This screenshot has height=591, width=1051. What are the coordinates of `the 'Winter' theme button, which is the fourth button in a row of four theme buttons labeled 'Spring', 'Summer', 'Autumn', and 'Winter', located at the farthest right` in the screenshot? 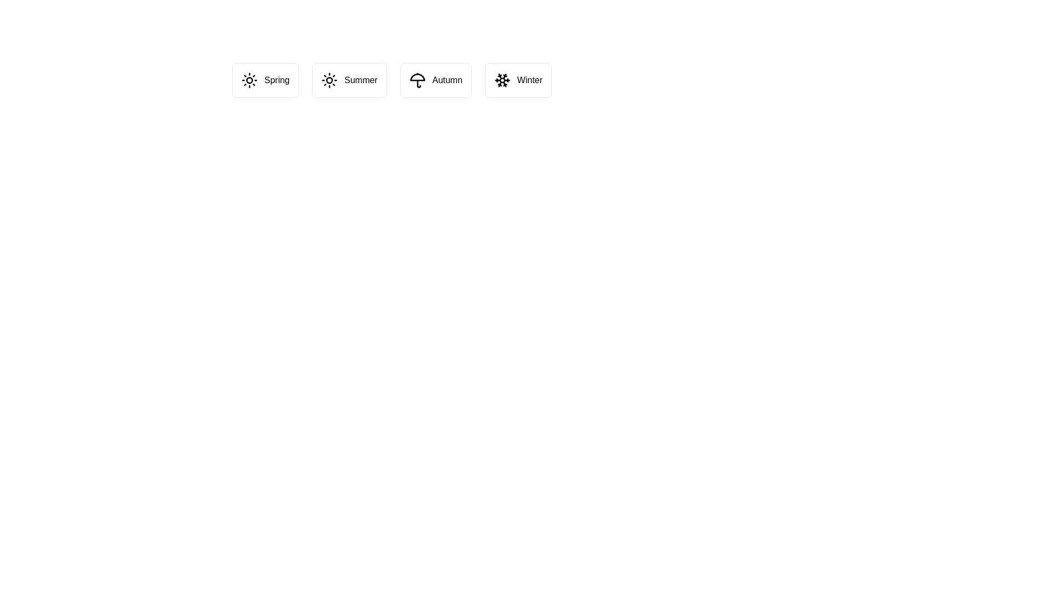 It's located at (517, 79).